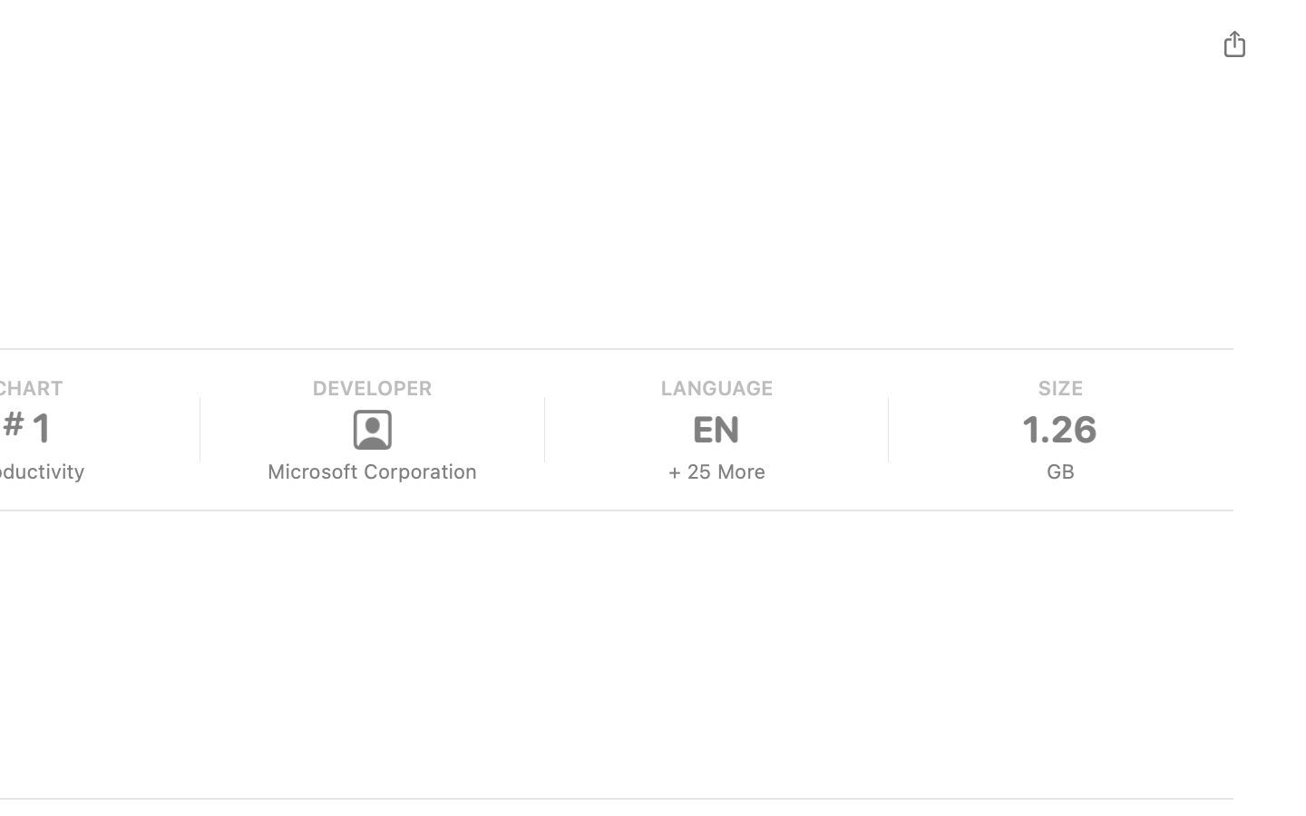 The image size is (1306, 816). What do you see at coordinates (369, 388) in the screenshot?
I see `'DEVELOPER'` at bounding box center [369, 388].